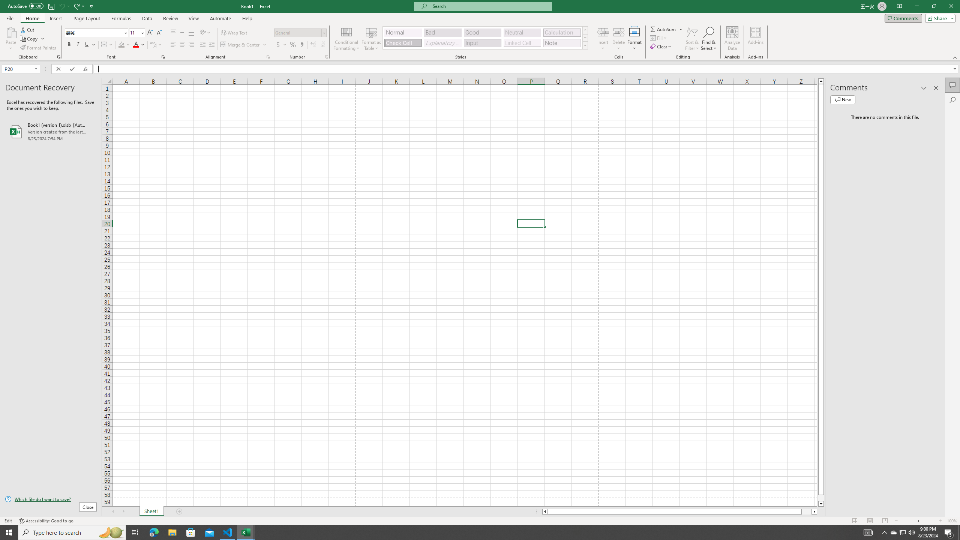  I want to click on 'Copy', so click(29, 39).